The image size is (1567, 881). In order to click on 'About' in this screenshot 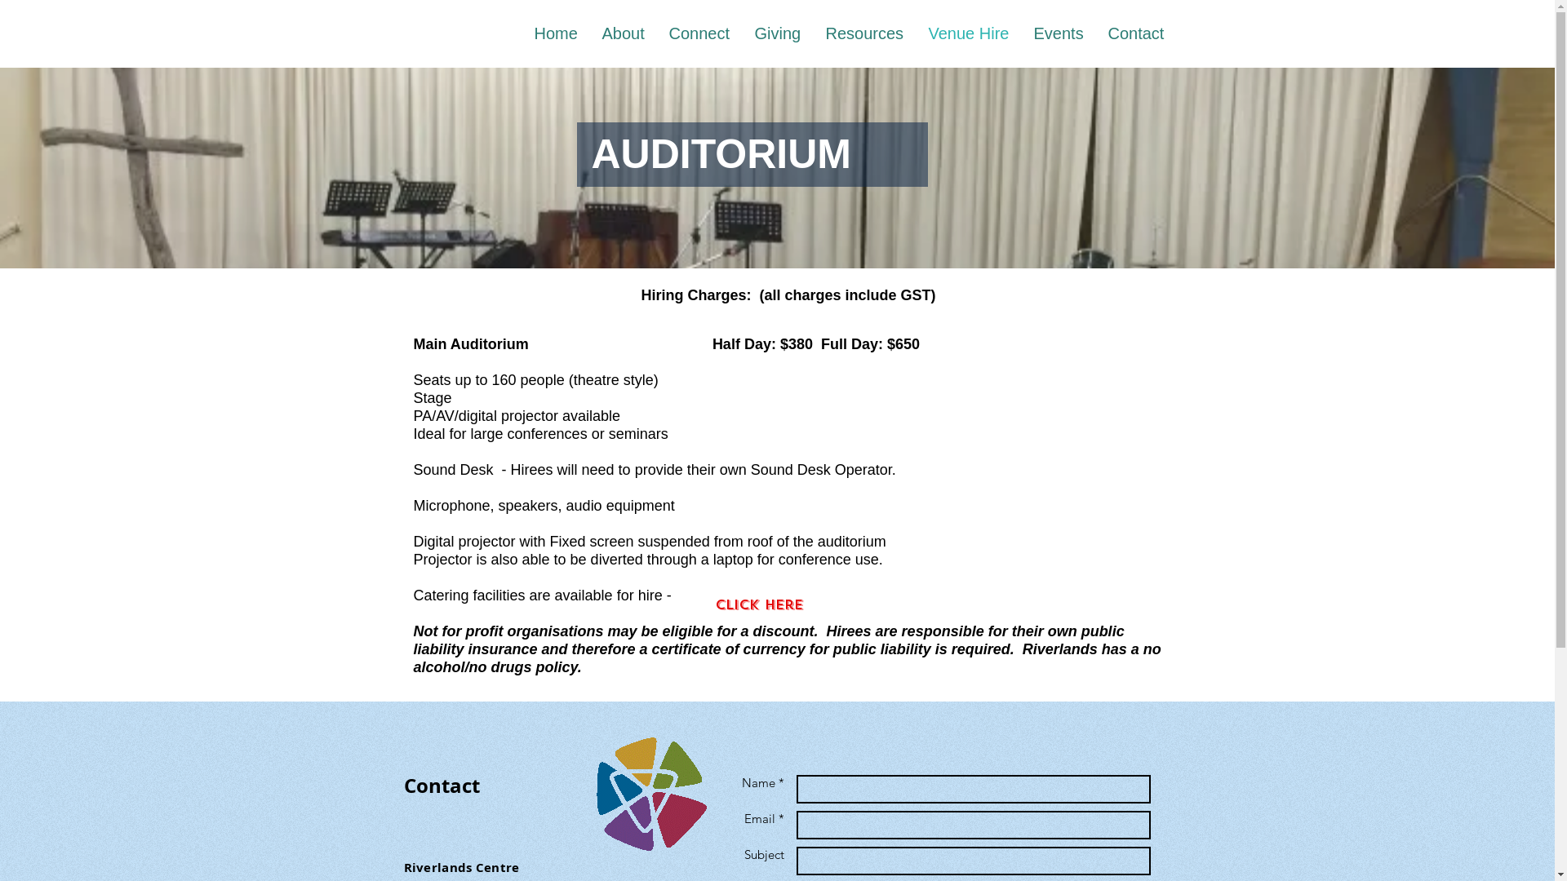, I will do `click(622, 33)`.